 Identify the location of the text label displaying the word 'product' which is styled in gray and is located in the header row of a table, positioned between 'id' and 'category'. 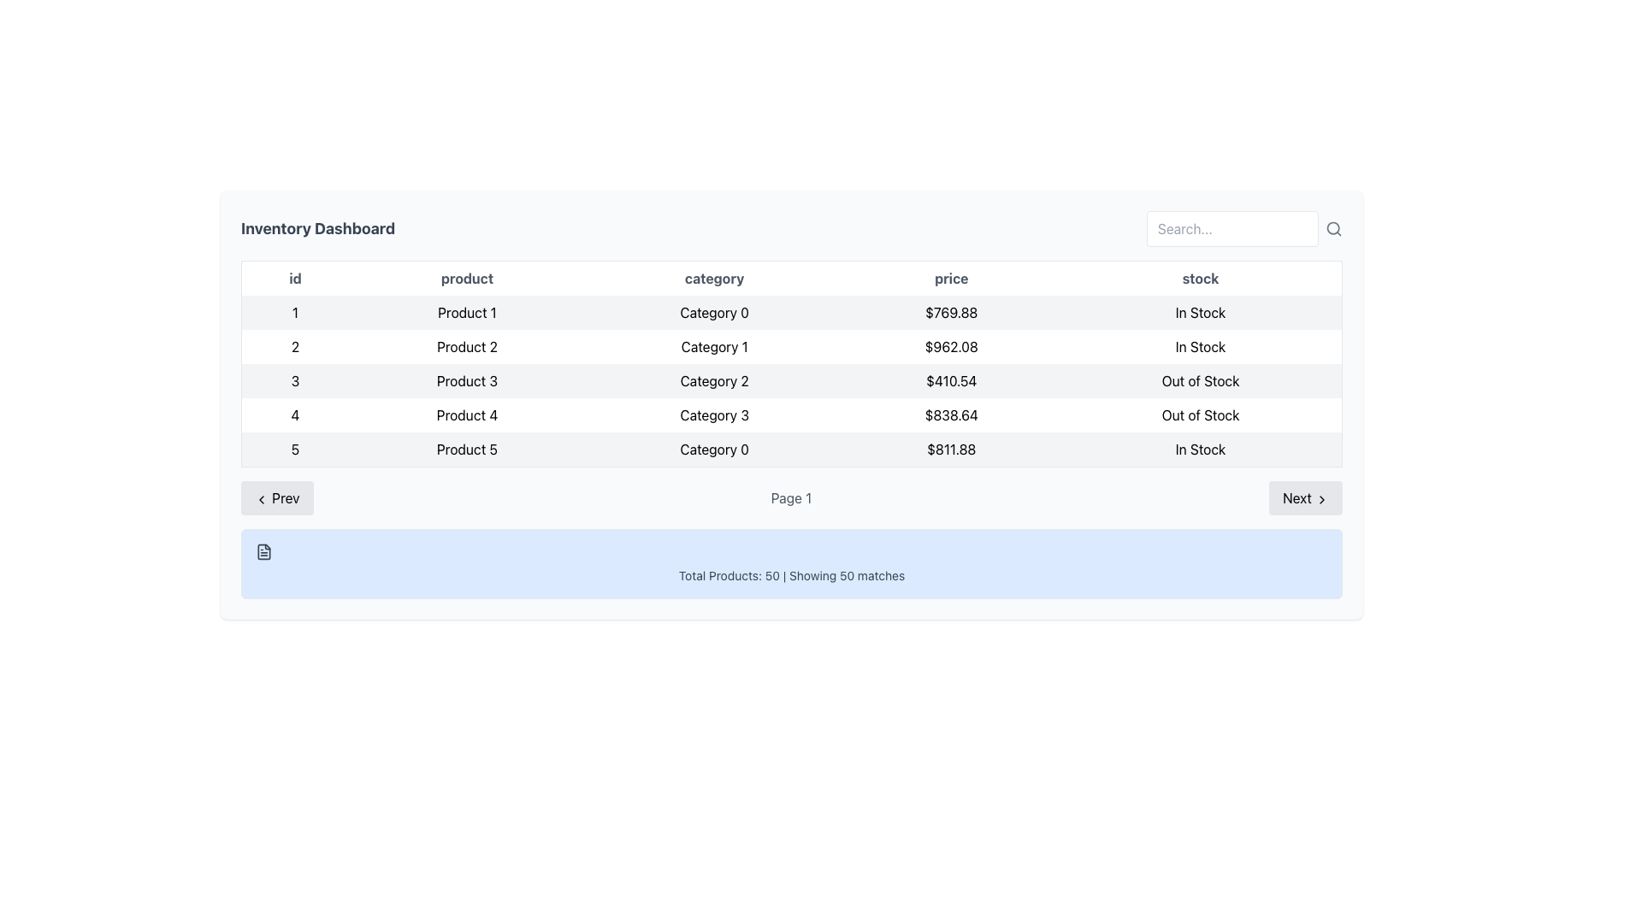
(467, 277).